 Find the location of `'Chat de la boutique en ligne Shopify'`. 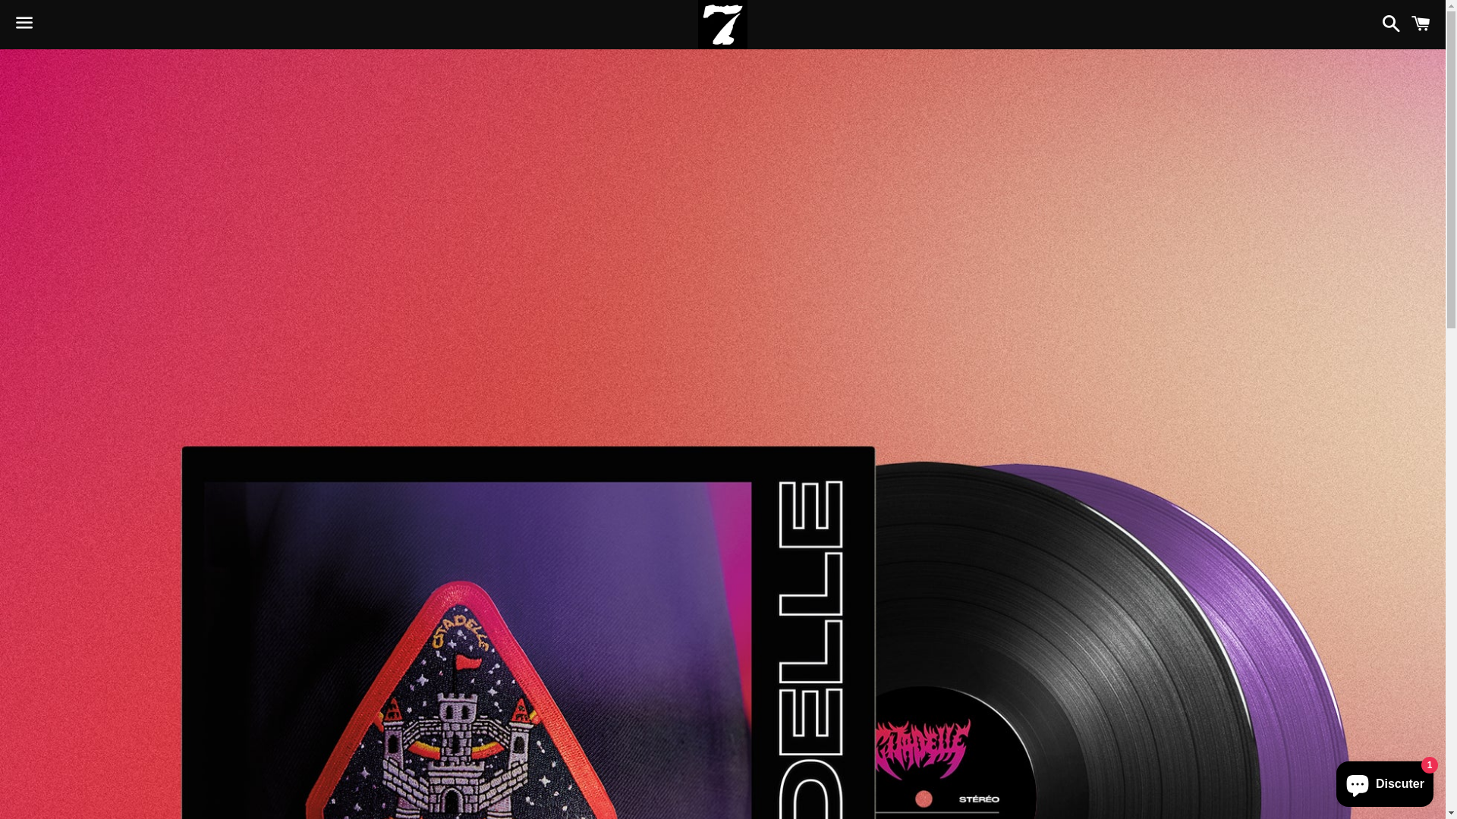

'Chat de la boutique en ligne Shopify' is located at coordinates (1384, 780).